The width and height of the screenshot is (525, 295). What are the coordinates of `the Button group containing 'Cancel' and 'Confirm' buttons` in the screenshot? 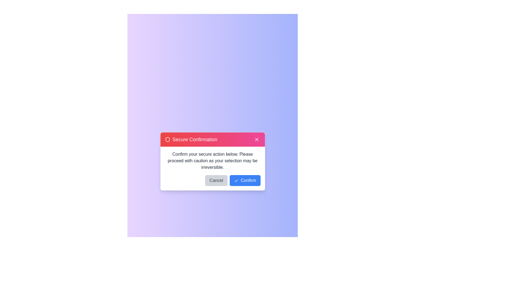 It's located at (212, 182).